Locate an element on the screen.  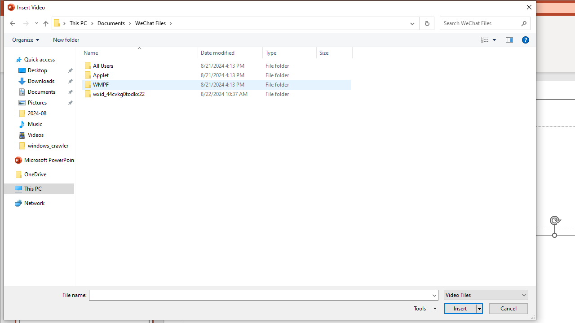
'File name:' is located at coordinates (260, 295).